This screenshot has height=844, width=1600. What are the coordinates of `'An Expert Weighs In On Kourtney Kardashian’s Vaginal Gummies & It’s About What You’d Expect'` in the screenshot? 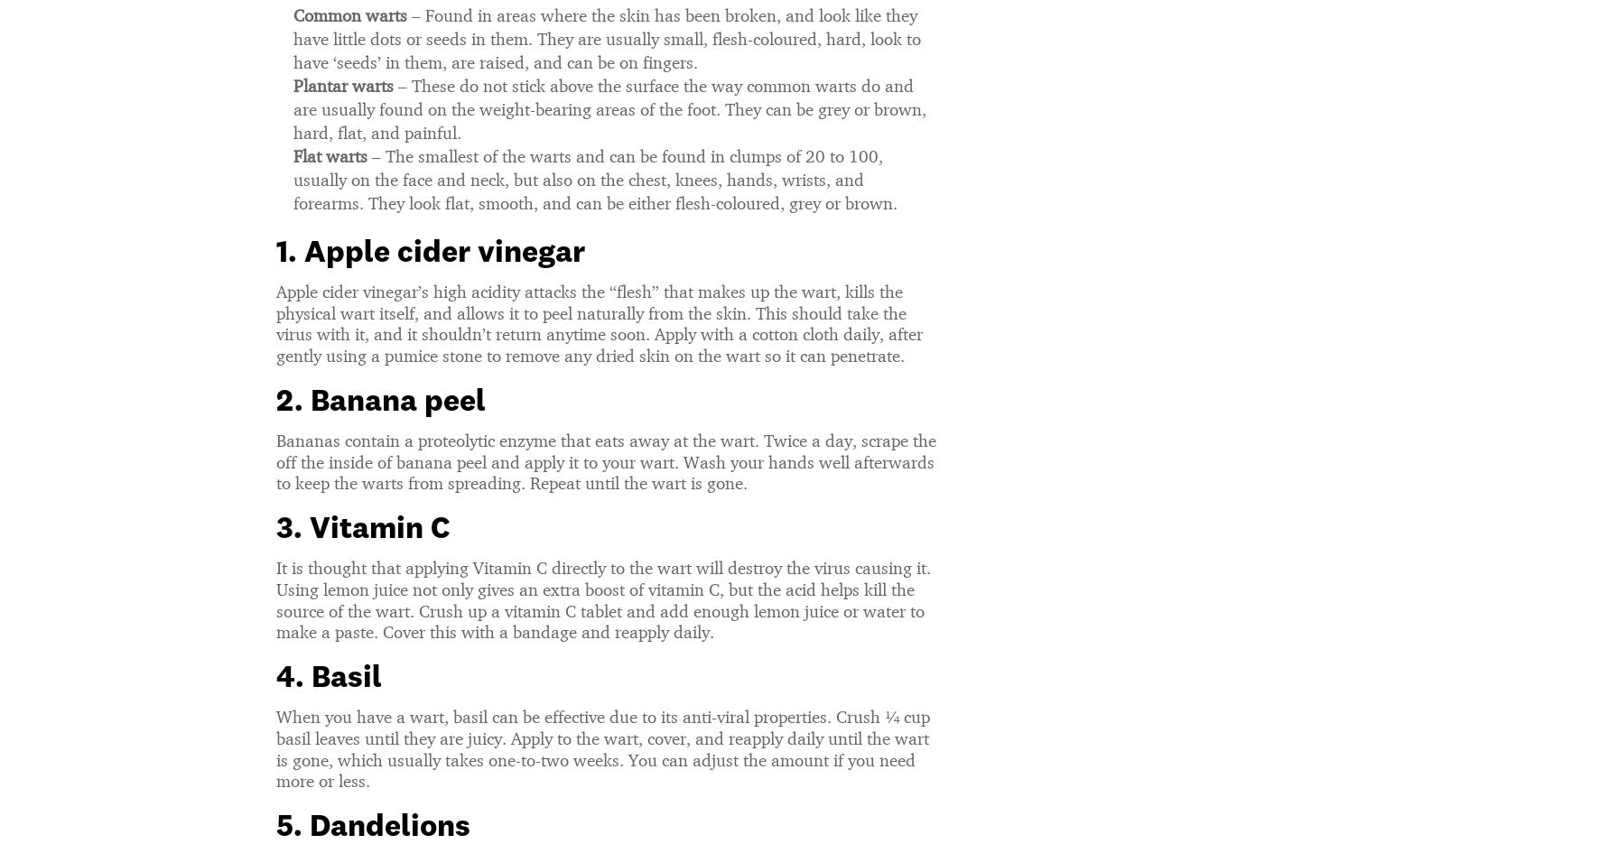 It's located at (1198, 474).